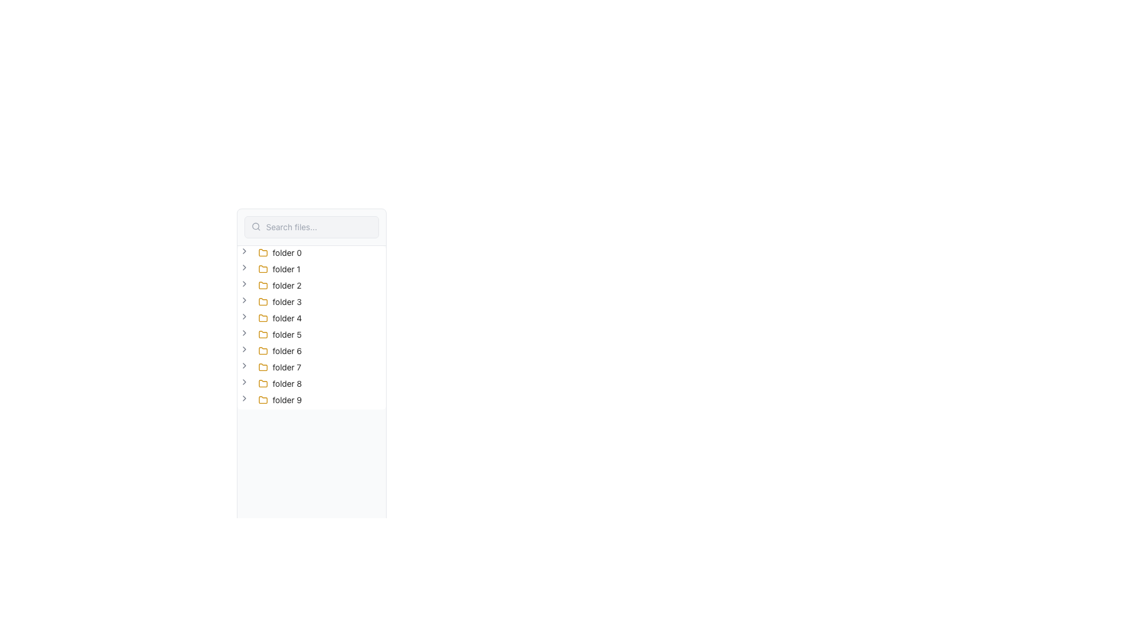 The image size is (1123, 631). Describe the element at coordinates (271, 351) in the screenshot. I see `the 'folder 6' tree node element` at that location.